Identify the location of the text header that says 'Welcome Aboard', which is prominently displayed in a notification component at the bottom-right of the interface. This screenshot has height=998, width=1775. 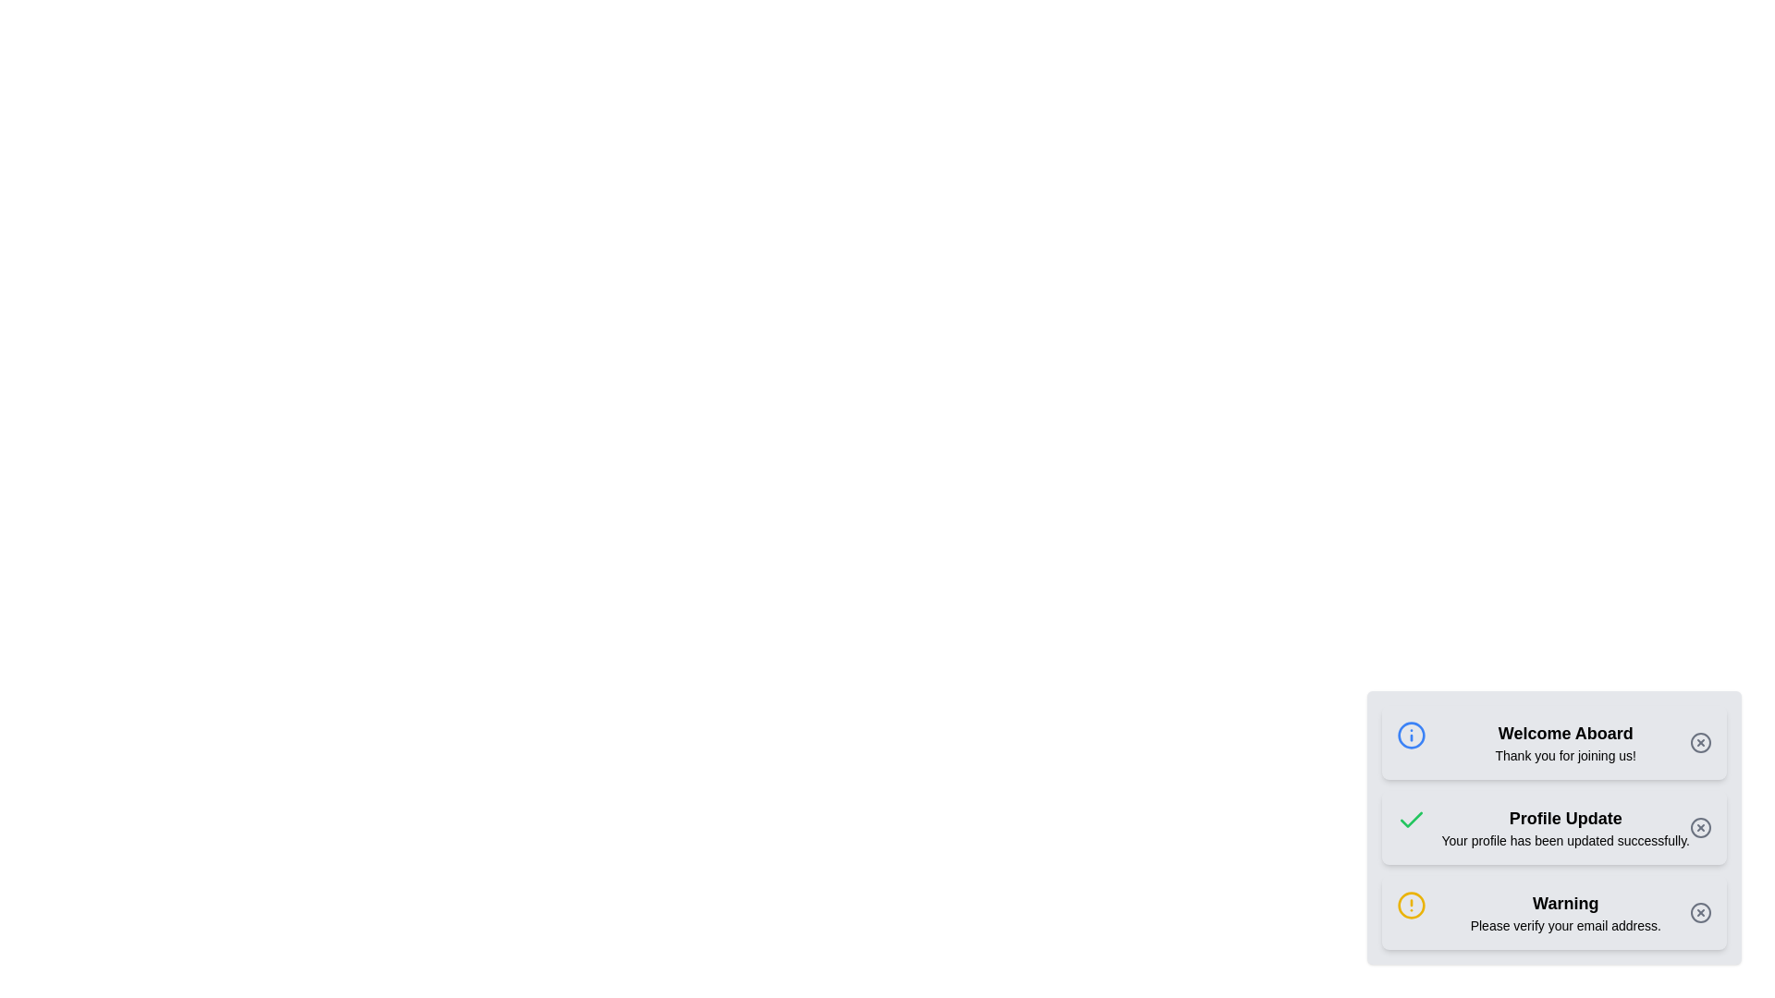
(1564, 733).